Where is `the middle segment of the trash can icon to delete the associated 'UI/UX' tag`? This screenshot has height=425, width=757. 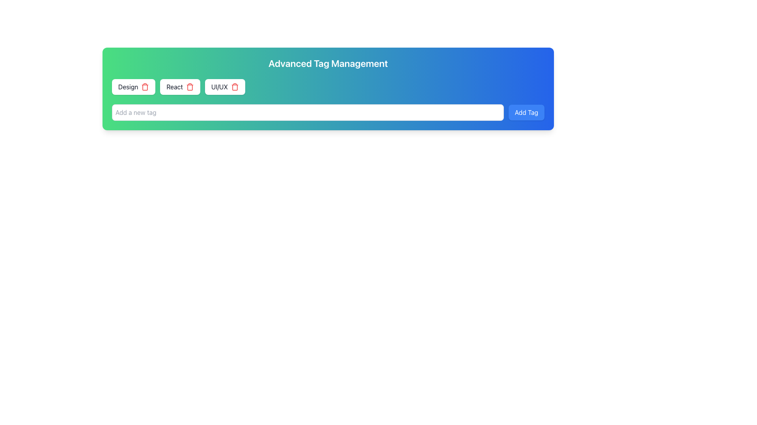 the middle segment of the trash can icon to delete the associated 'UI/UX' tag is located at coordinates (234, 87).